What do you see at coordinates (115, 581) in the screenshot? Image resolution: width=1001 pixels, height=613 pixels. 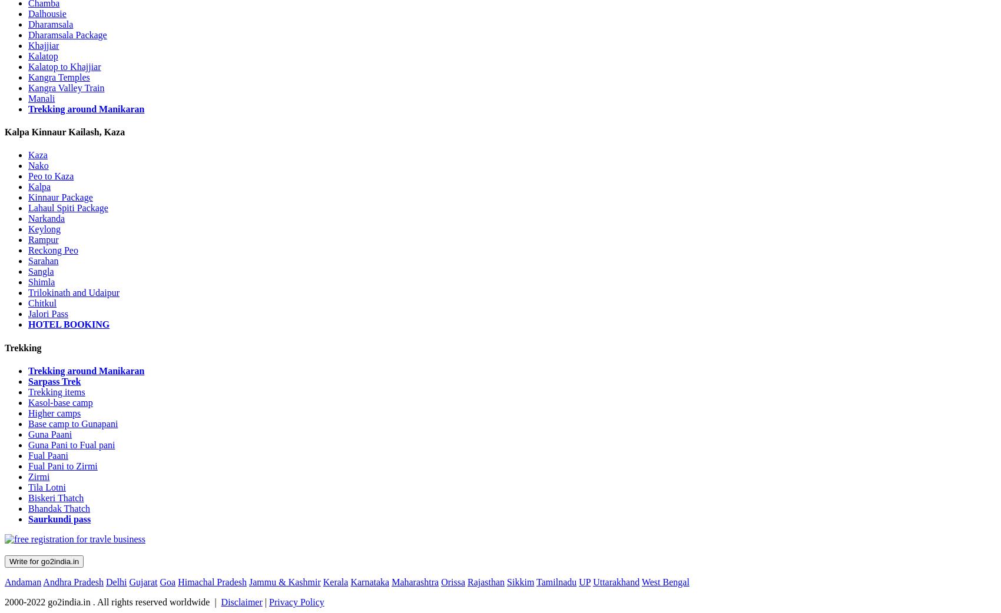 I see `'Delhi'` at bounding box center [115, 581].